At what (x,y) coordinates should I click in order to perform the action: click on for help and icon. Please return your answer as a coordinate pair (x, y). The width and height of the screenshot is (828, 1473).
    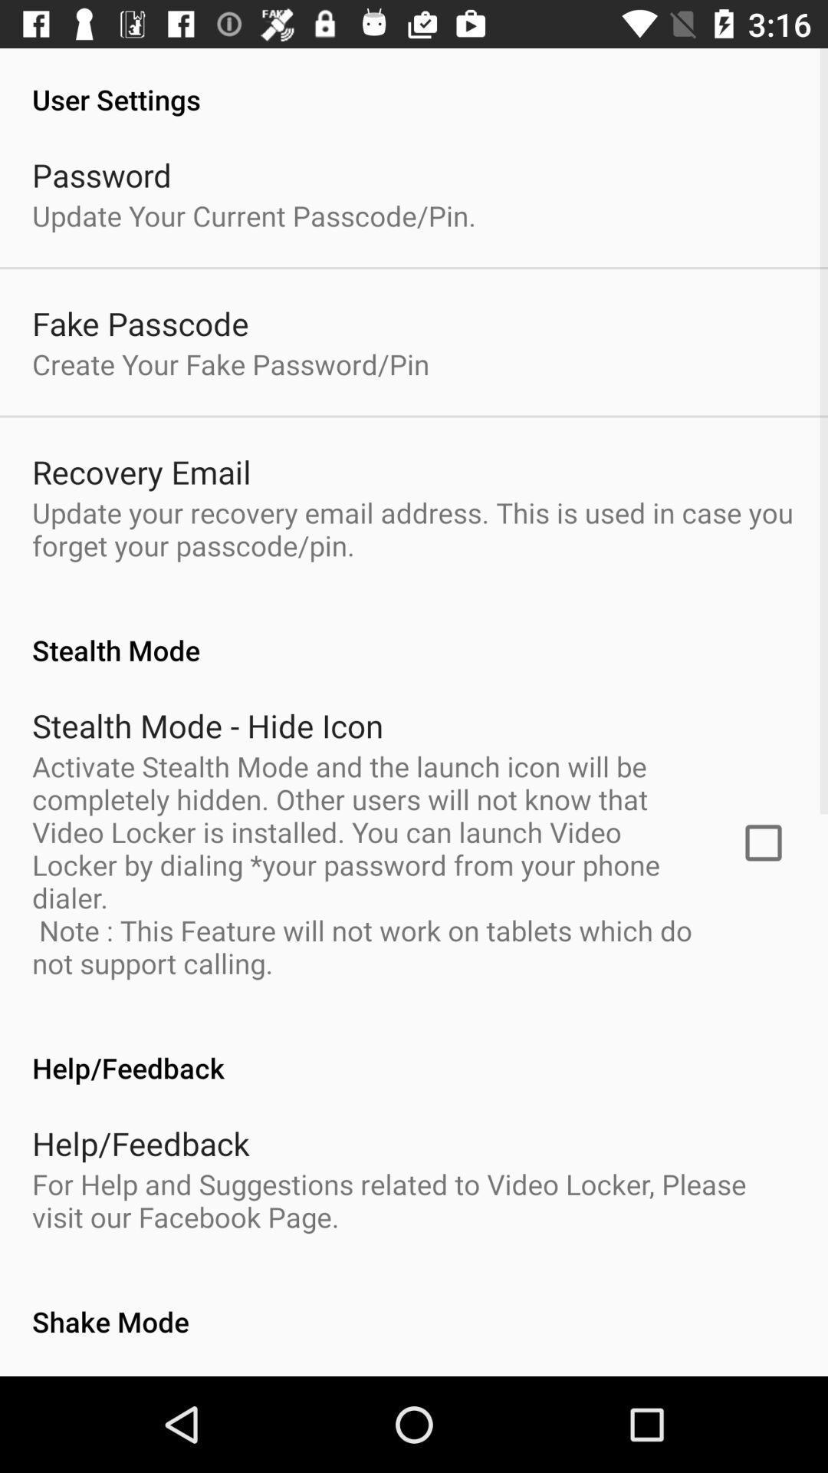
    Looking at the image, I should click on (414, 1199).